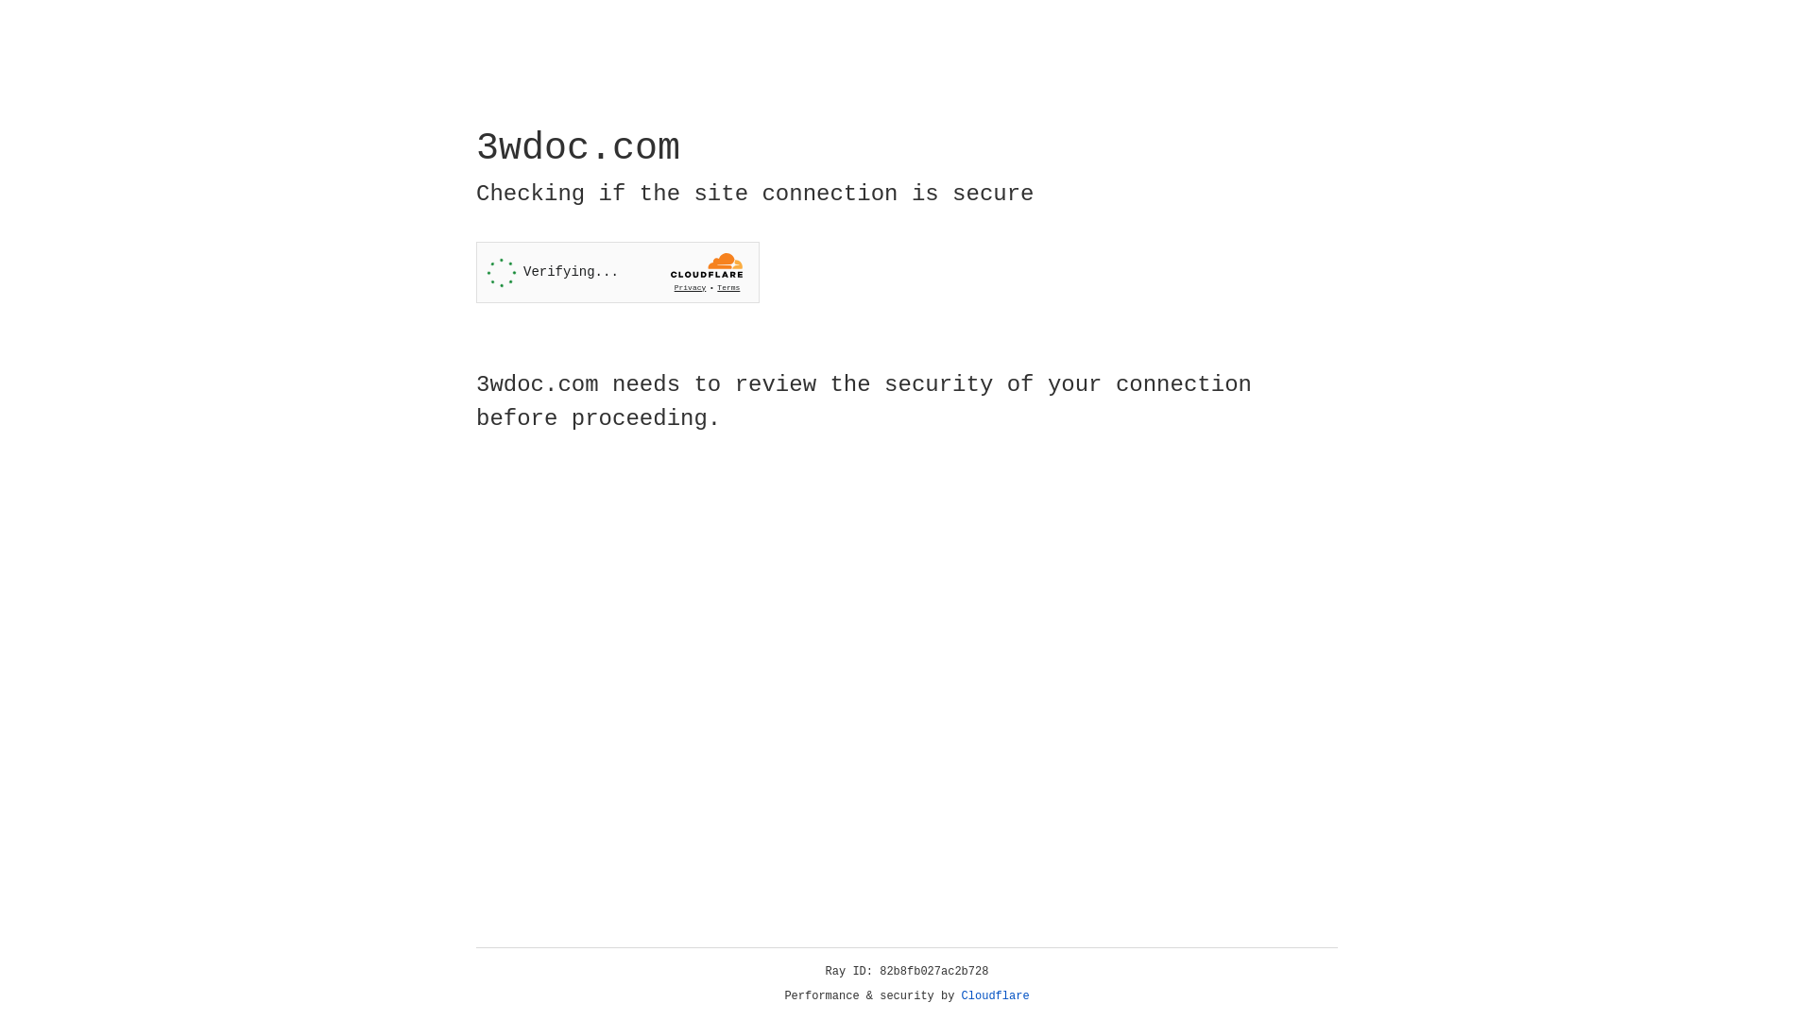  What do you see at coordinates (617, 272) in the screenshot?
I see `'Widget containing a Cloudflare security challenge'` at bounding box center [617, 272].